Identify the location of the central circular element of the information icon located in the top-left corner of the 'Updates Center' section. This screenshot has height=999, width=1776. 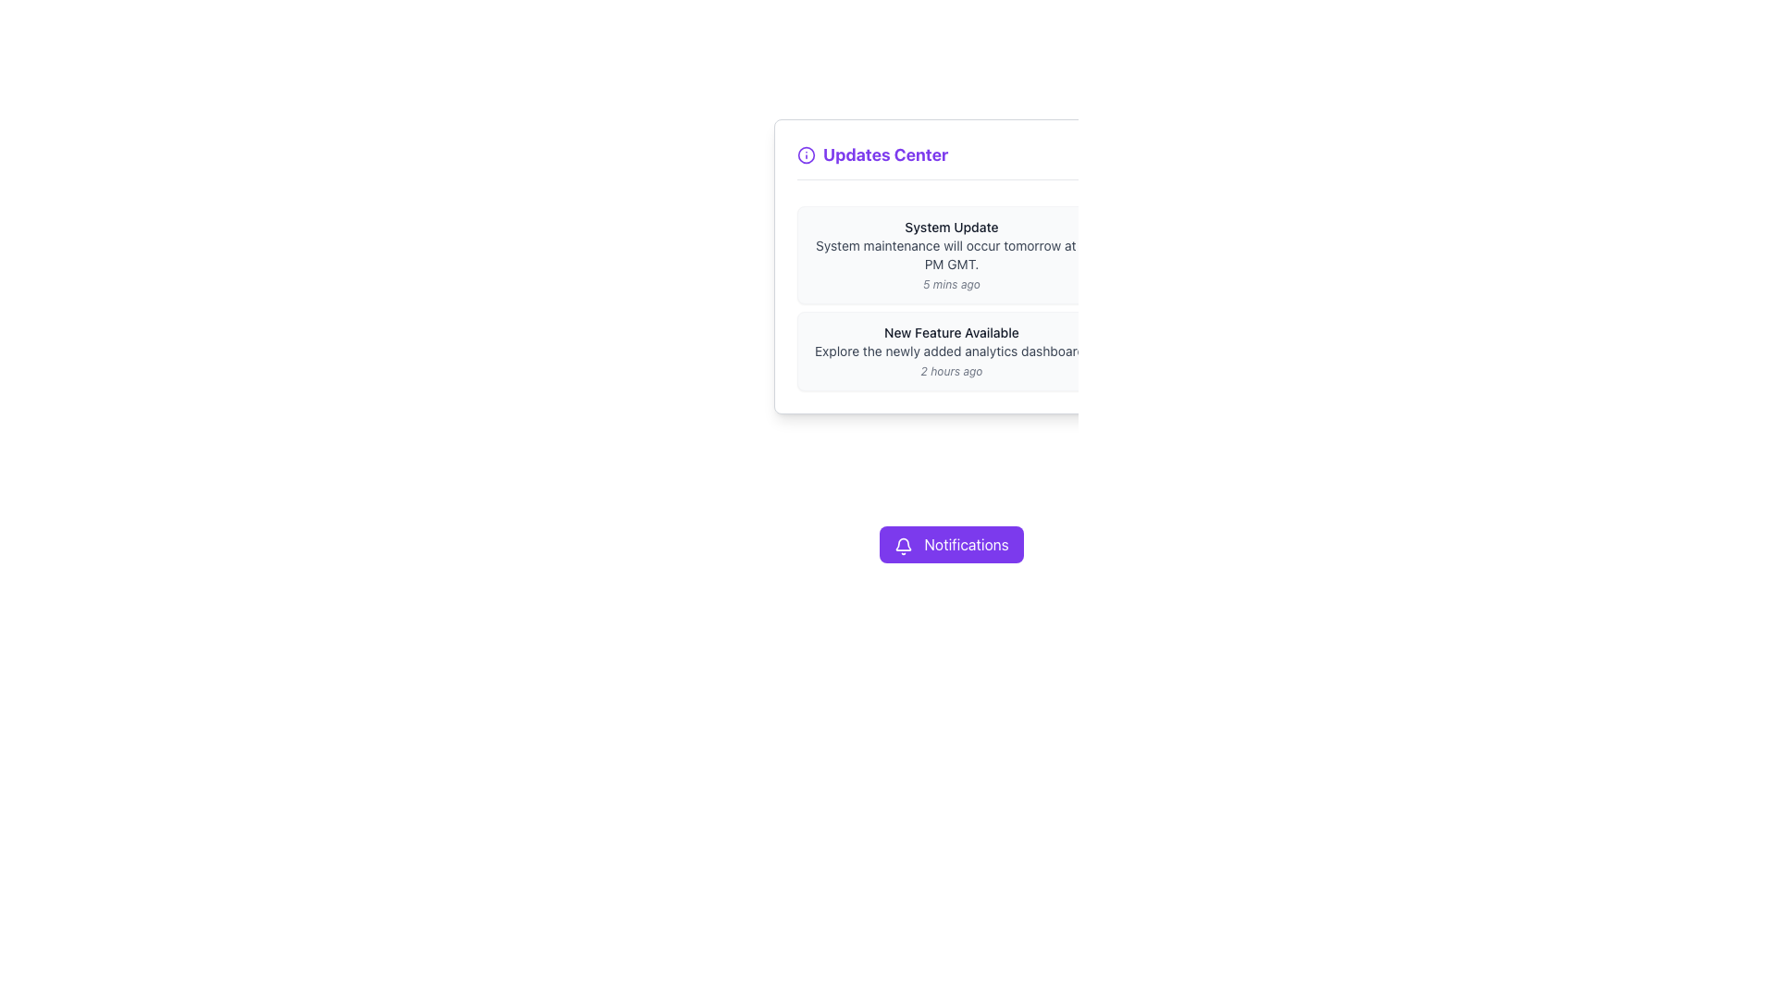
(807, 154).